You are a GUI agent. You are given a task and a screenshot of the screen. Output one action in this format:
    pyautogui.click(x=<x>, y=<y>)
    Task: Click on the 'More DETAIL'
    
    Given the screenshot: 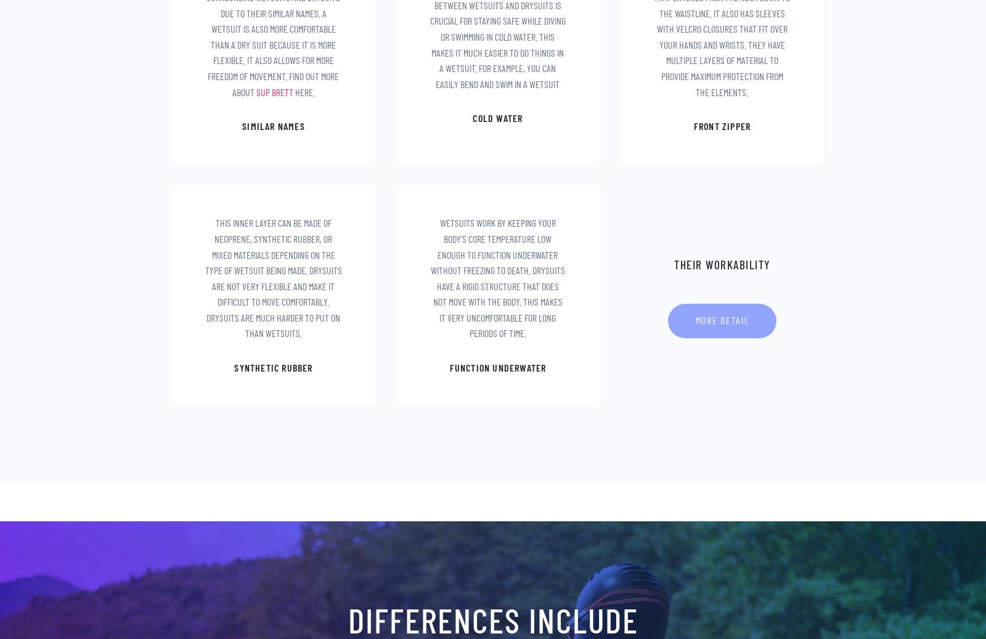 What is the action you would take?
    pyautogui.click(x=722, y=319)
    